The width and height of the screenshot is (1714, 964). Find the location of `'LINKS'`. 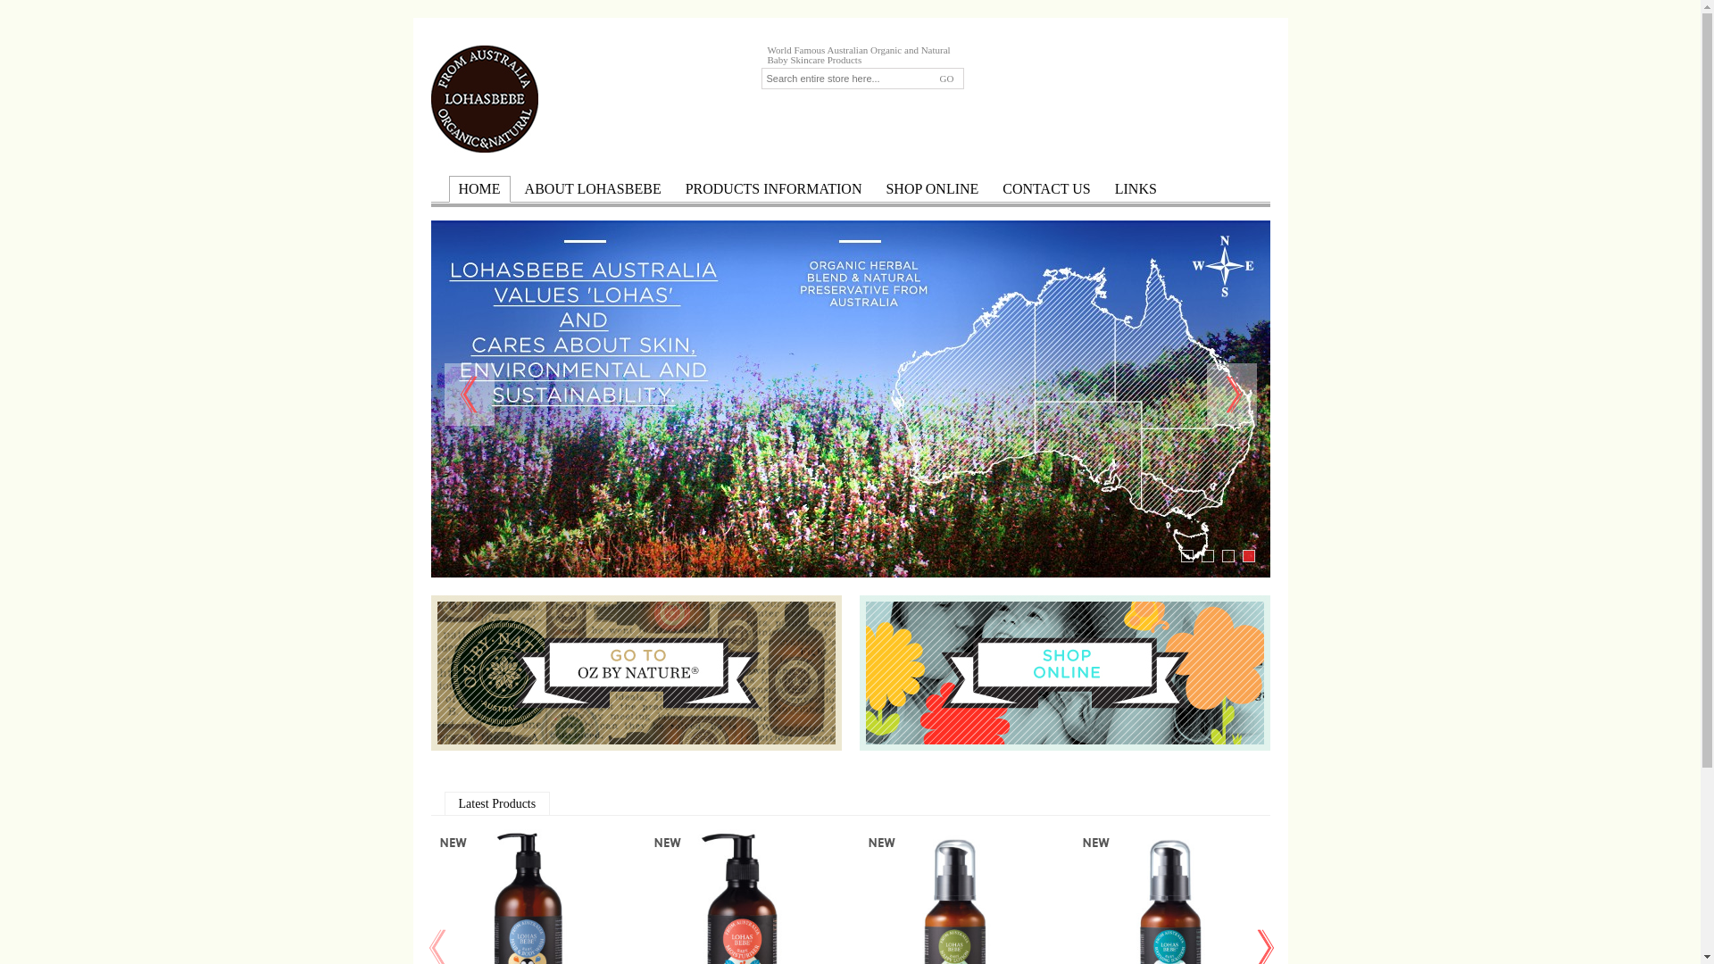

'LINKS' is located at coordinates (1135, 188).